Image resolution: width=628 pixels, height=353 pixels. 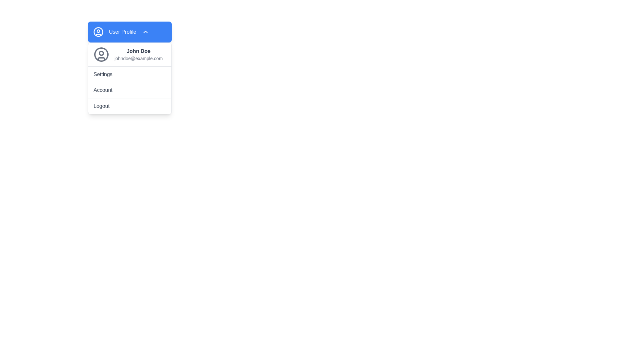 What do you see at coordinates (130, 32) in the screenshot?
I see `the 'User Profile' dropdown toggle button, which features a user icon and a downward-pointing chevron on a blue background` at bounding box center [130, 32].